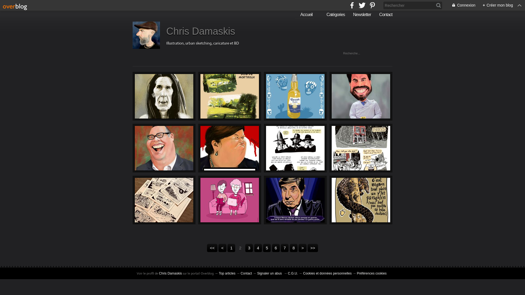  Describe the element at coordinates (372, 5) in the screenshot. I see `' pinterest'` at that location.